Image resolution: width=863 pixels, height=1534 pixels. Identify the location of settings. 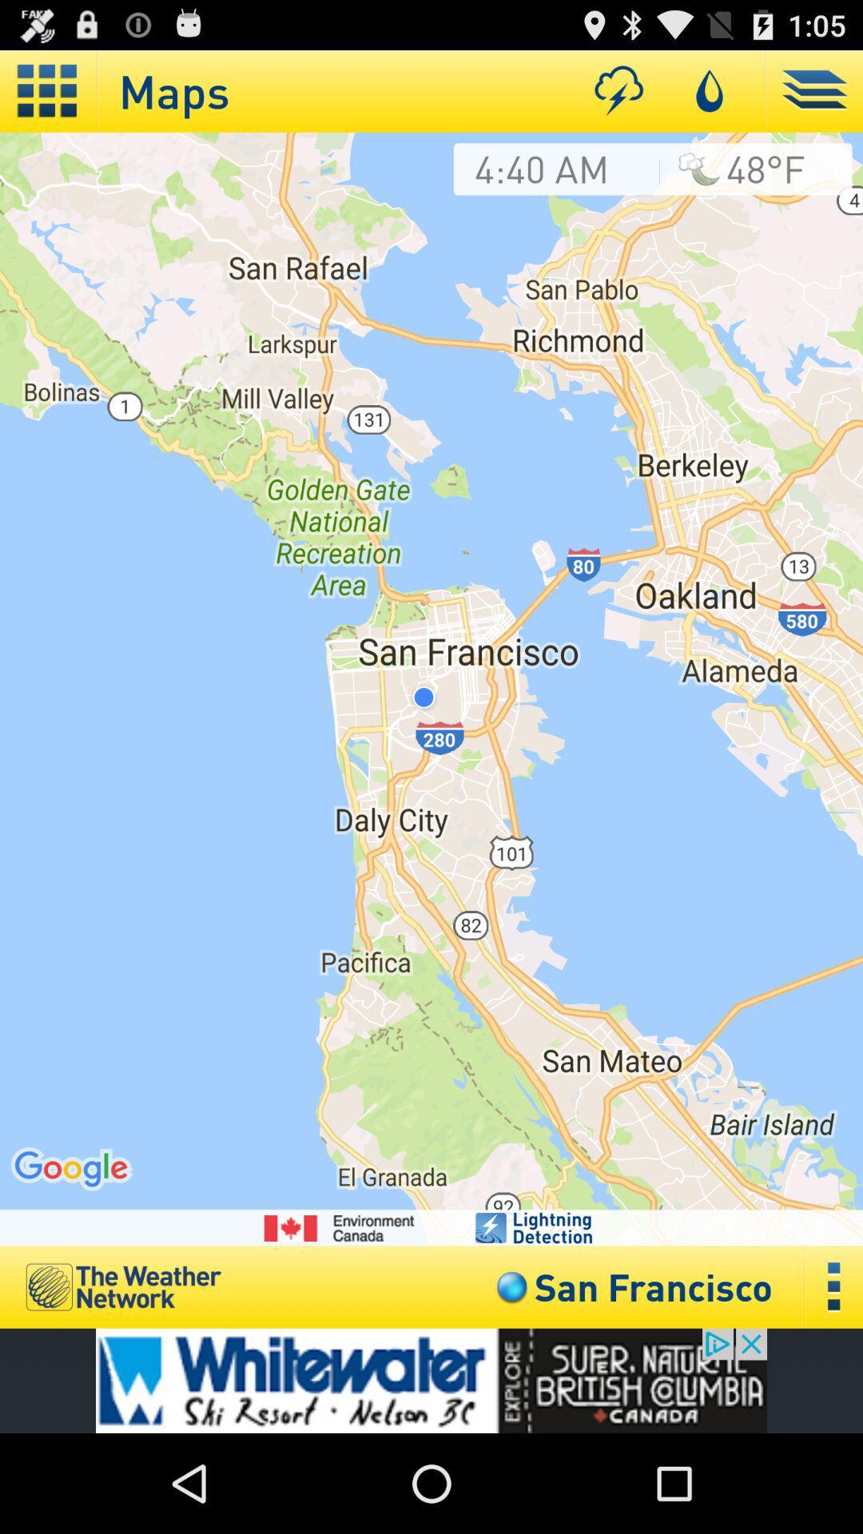
(833, 1287).